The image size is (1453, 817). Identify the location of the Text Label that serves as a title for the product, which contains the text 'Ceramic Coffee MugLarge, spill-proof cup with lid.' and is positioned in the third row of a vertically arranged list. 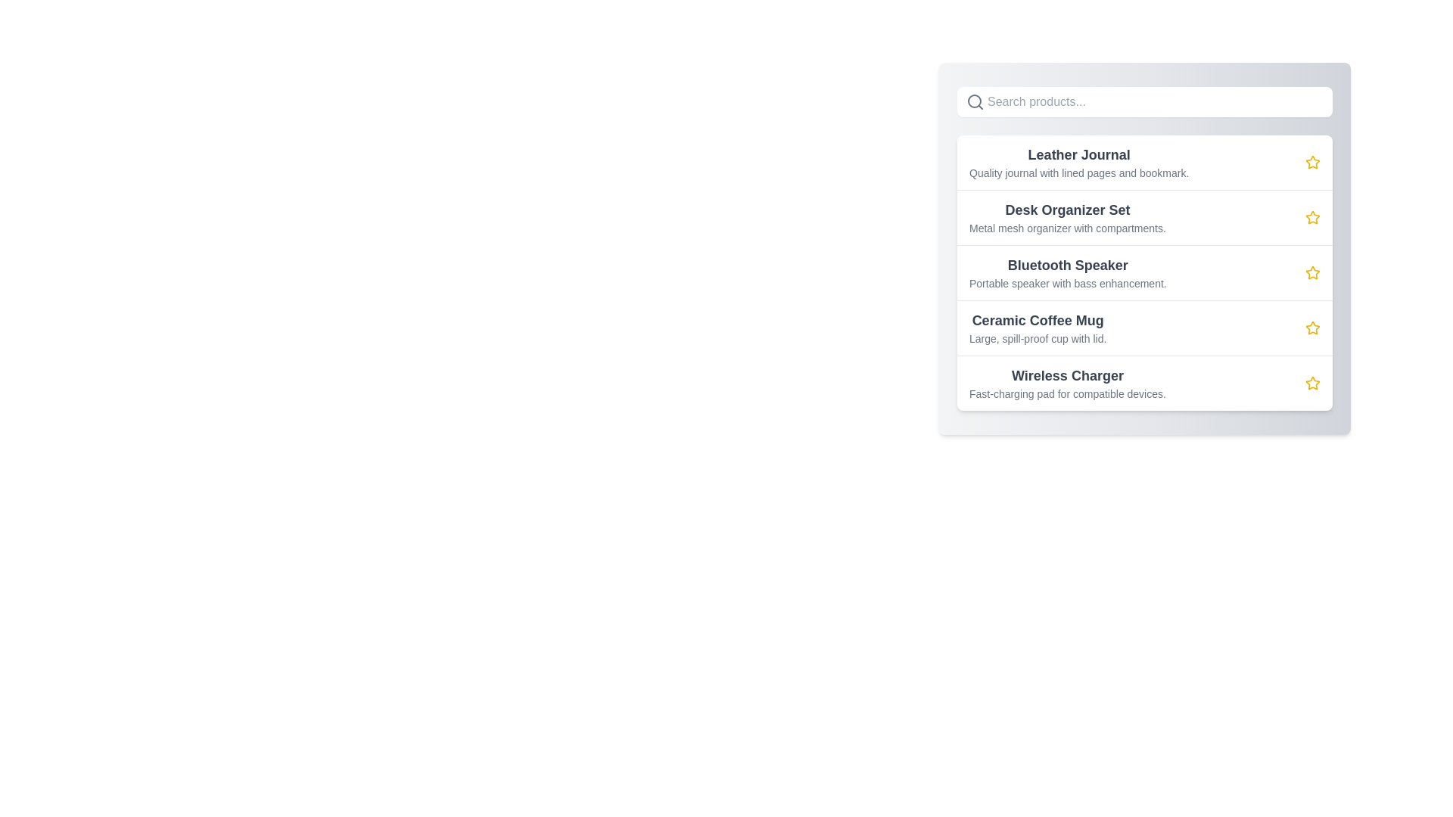
(1037, 320).